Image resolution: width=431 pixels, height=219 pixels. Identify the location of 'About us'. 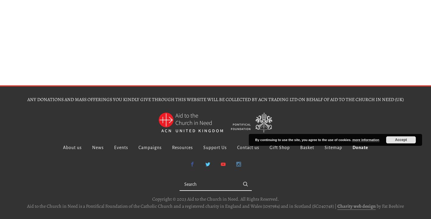
(72, 147).